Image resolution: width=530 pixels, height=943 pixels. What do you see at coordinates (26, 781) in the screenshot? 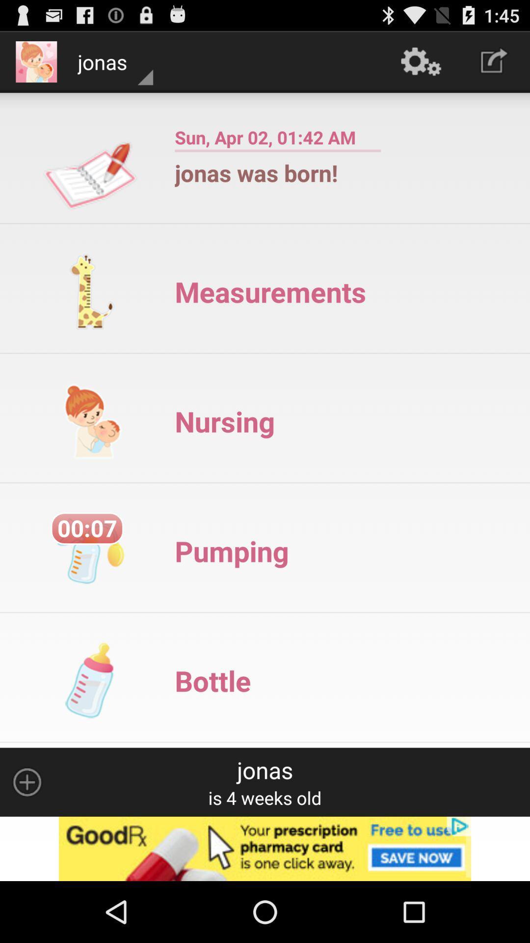
I see `another person` at bounding box center [26, 781].